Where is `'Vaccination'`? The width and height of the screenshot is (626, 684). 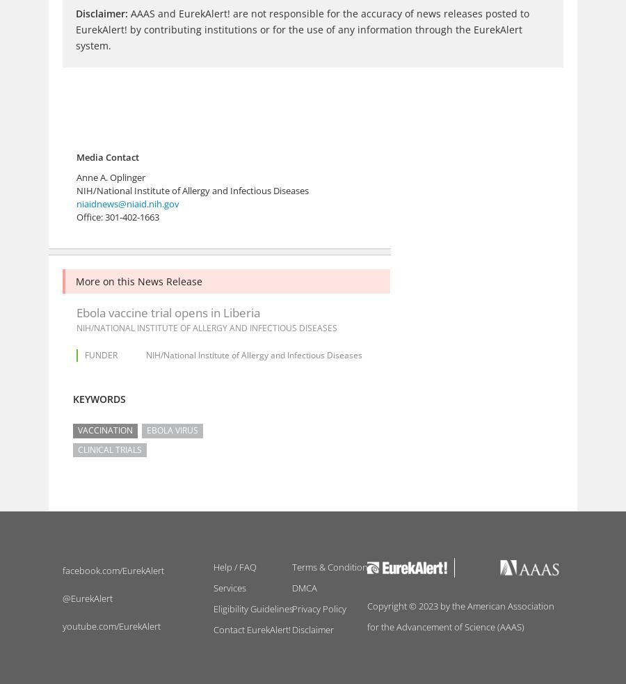
'Vaccination' is located at coordinates (77, 430).